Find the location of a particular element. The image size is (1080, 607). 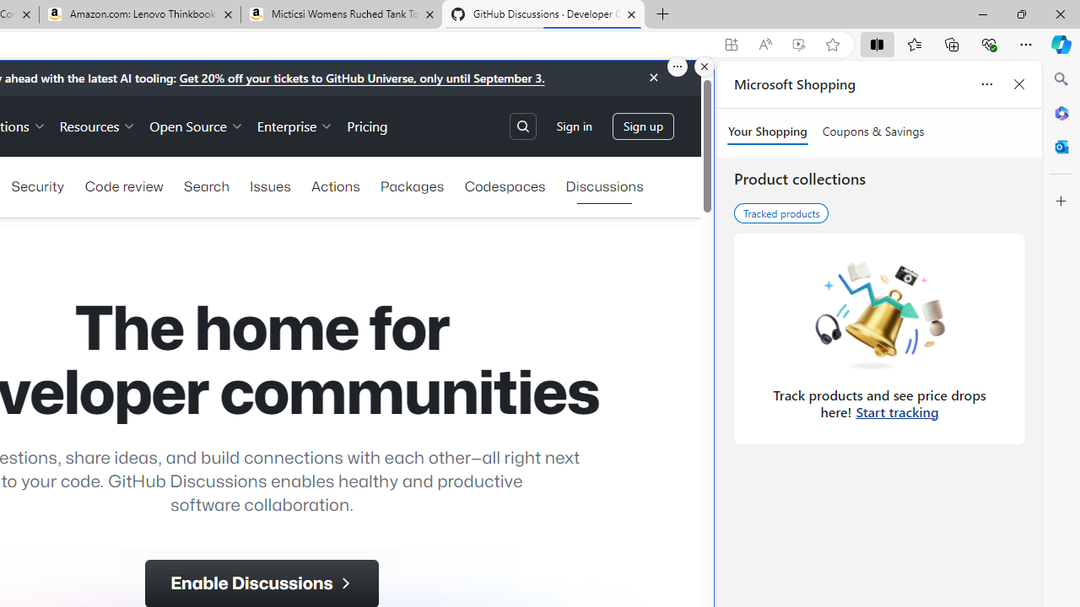

'Enterprise' is located at coordinates (295, 125).